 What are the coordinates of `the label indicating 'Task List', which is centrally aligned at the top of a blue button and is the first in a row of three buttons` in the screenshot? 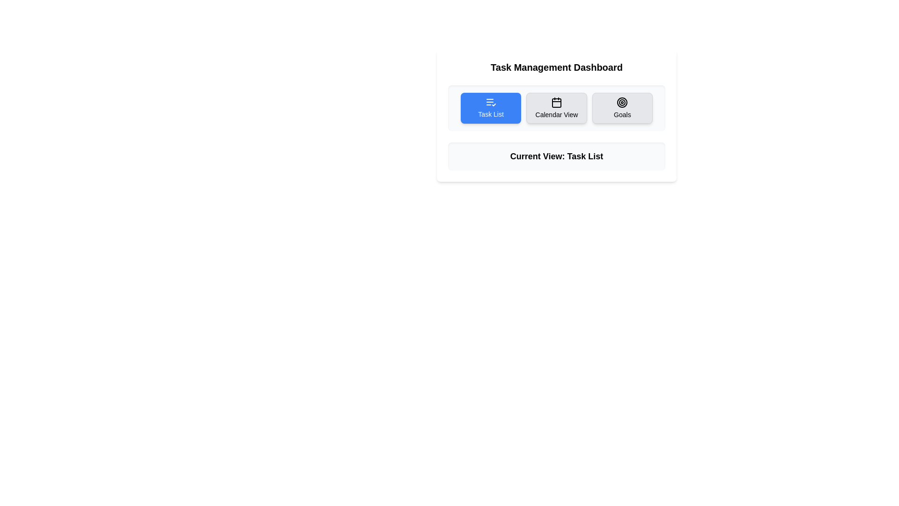 It's located at (490, 113).